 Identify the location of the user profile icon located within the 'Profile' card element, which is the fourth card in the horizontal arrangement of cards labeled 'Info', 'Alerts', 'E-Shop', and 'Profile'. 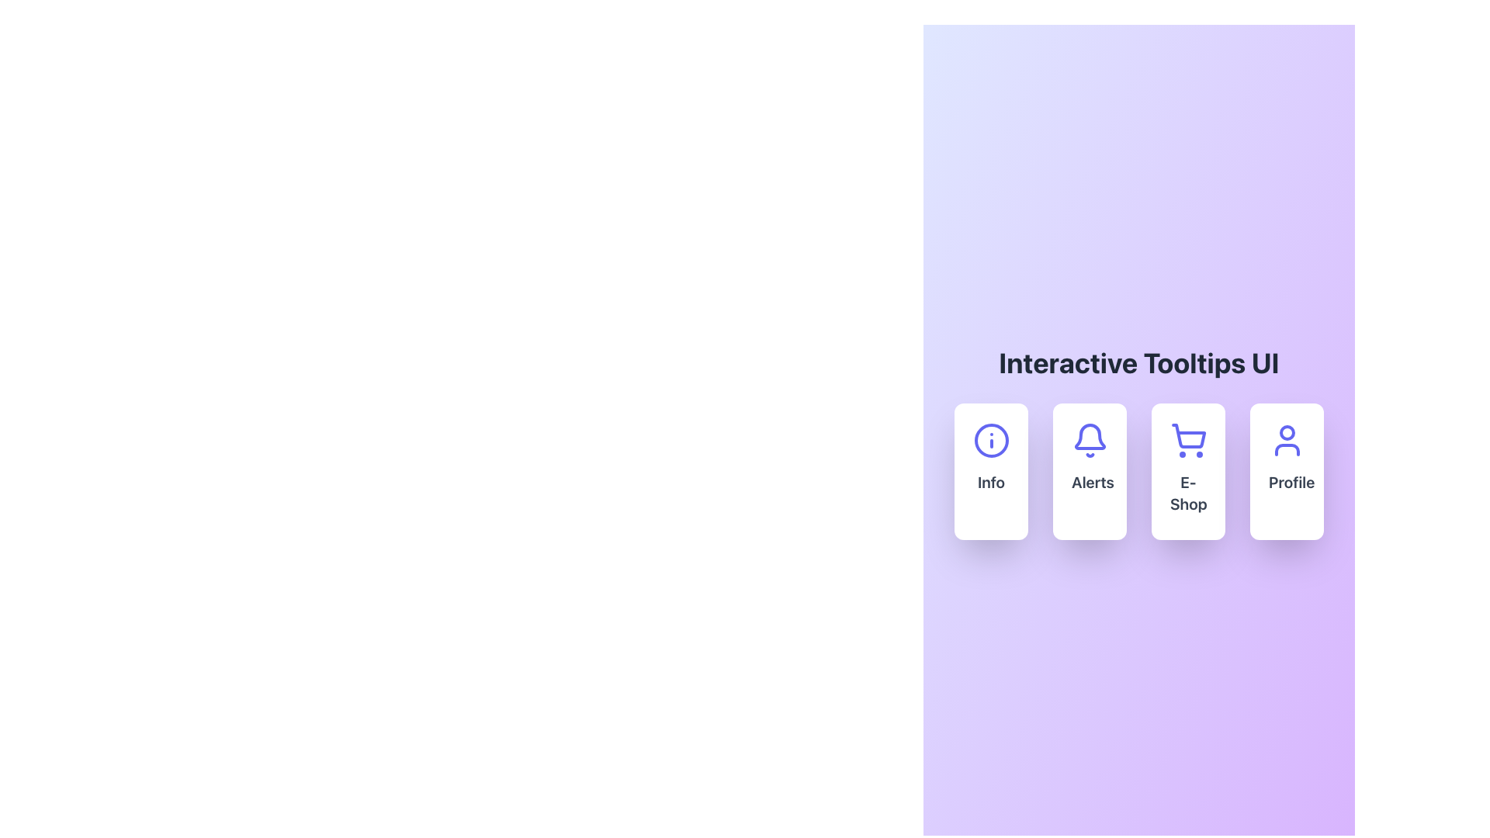
(1287, 440).